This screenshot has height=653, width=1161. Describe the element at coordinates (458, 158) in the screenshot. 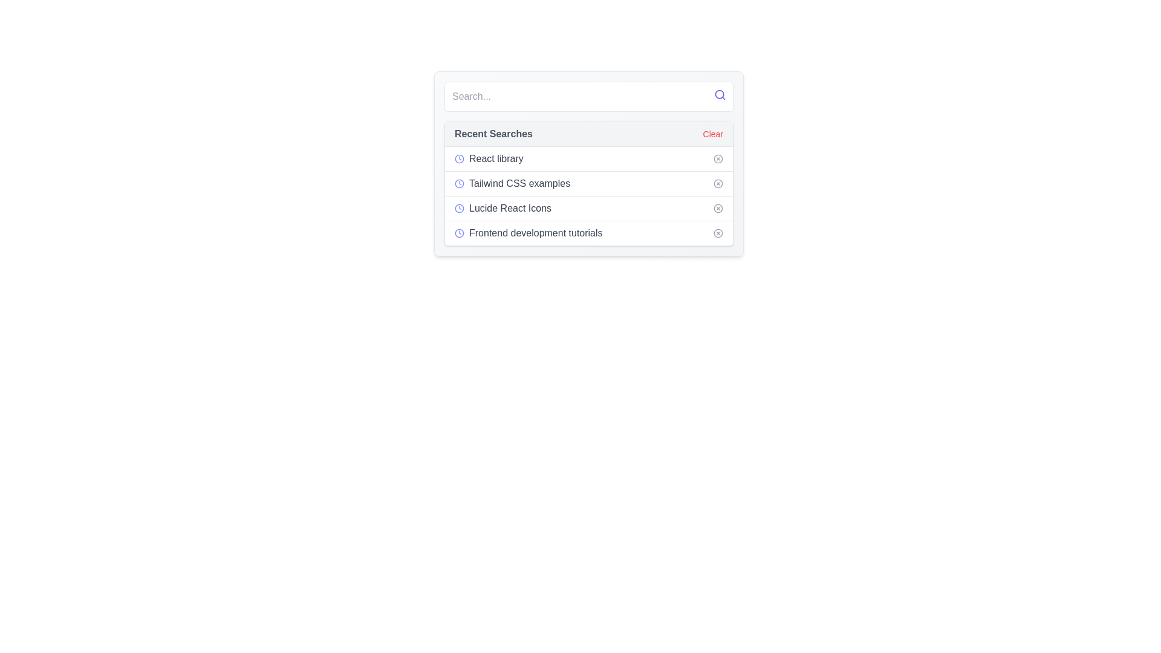

I see `the circular SVG element resembling a clock in the 'Recent Searches' section, located before the text 'React library'` at that location.